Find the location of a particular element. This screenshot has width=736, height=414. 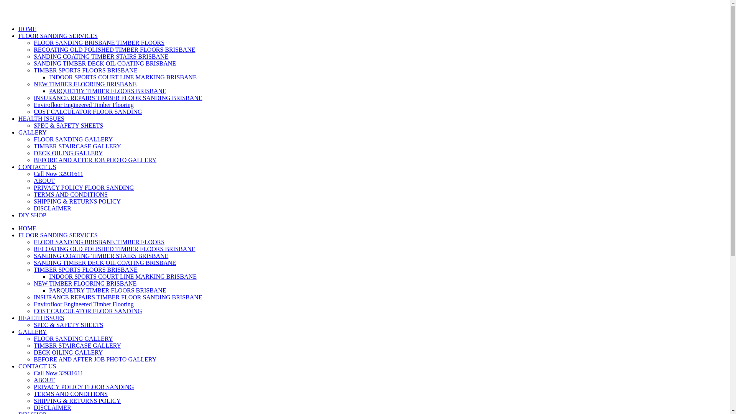

'INSURANCE REPAIRS TIMBER FLOOR SANDING BRISBANE' is located at coordinates (117, 297).